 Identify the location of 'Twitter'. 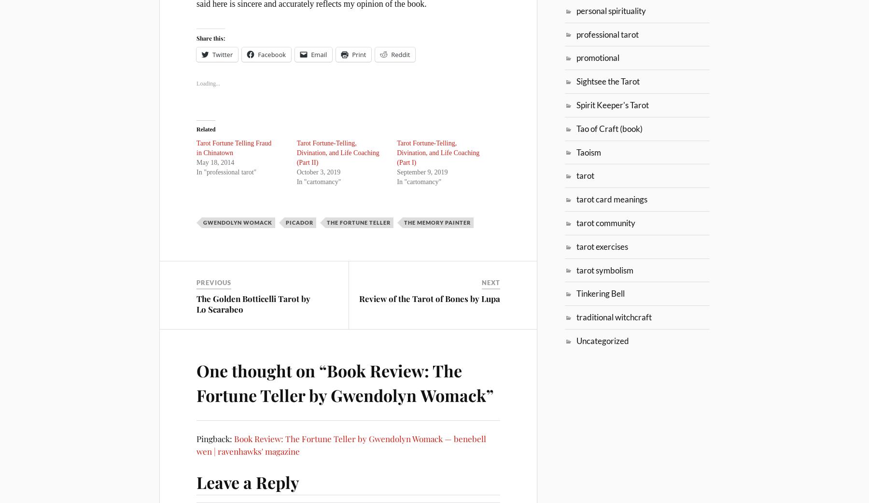
(222, 54).